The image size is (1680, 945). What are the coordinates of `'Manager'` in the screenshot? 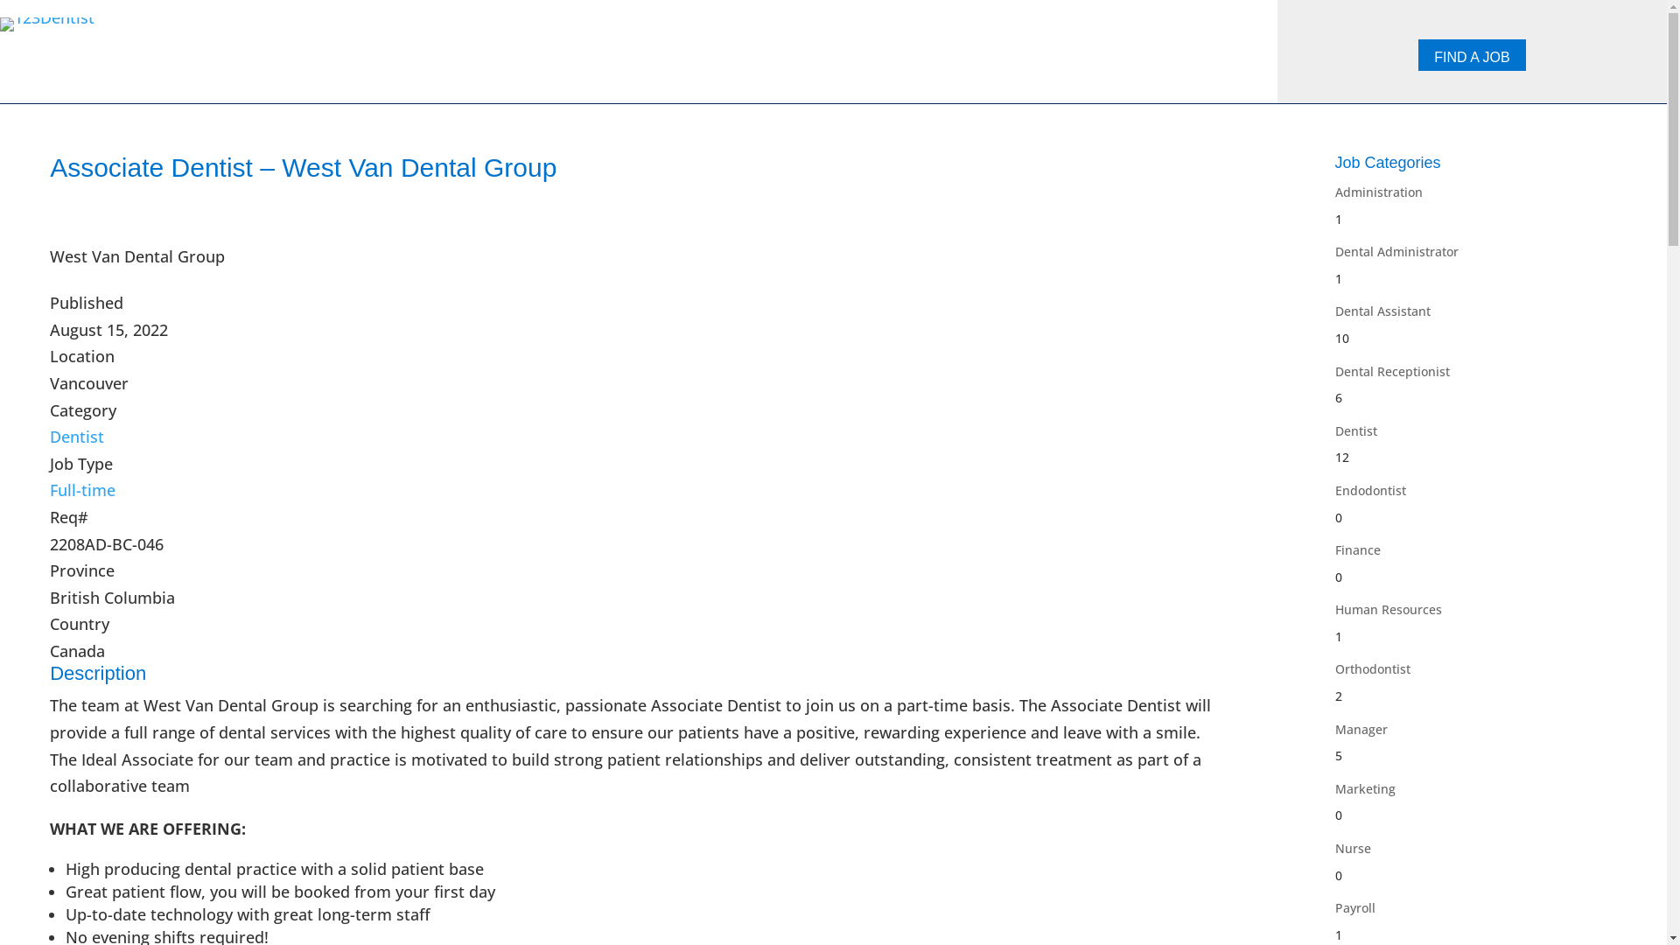 It's located at (1360, 729).